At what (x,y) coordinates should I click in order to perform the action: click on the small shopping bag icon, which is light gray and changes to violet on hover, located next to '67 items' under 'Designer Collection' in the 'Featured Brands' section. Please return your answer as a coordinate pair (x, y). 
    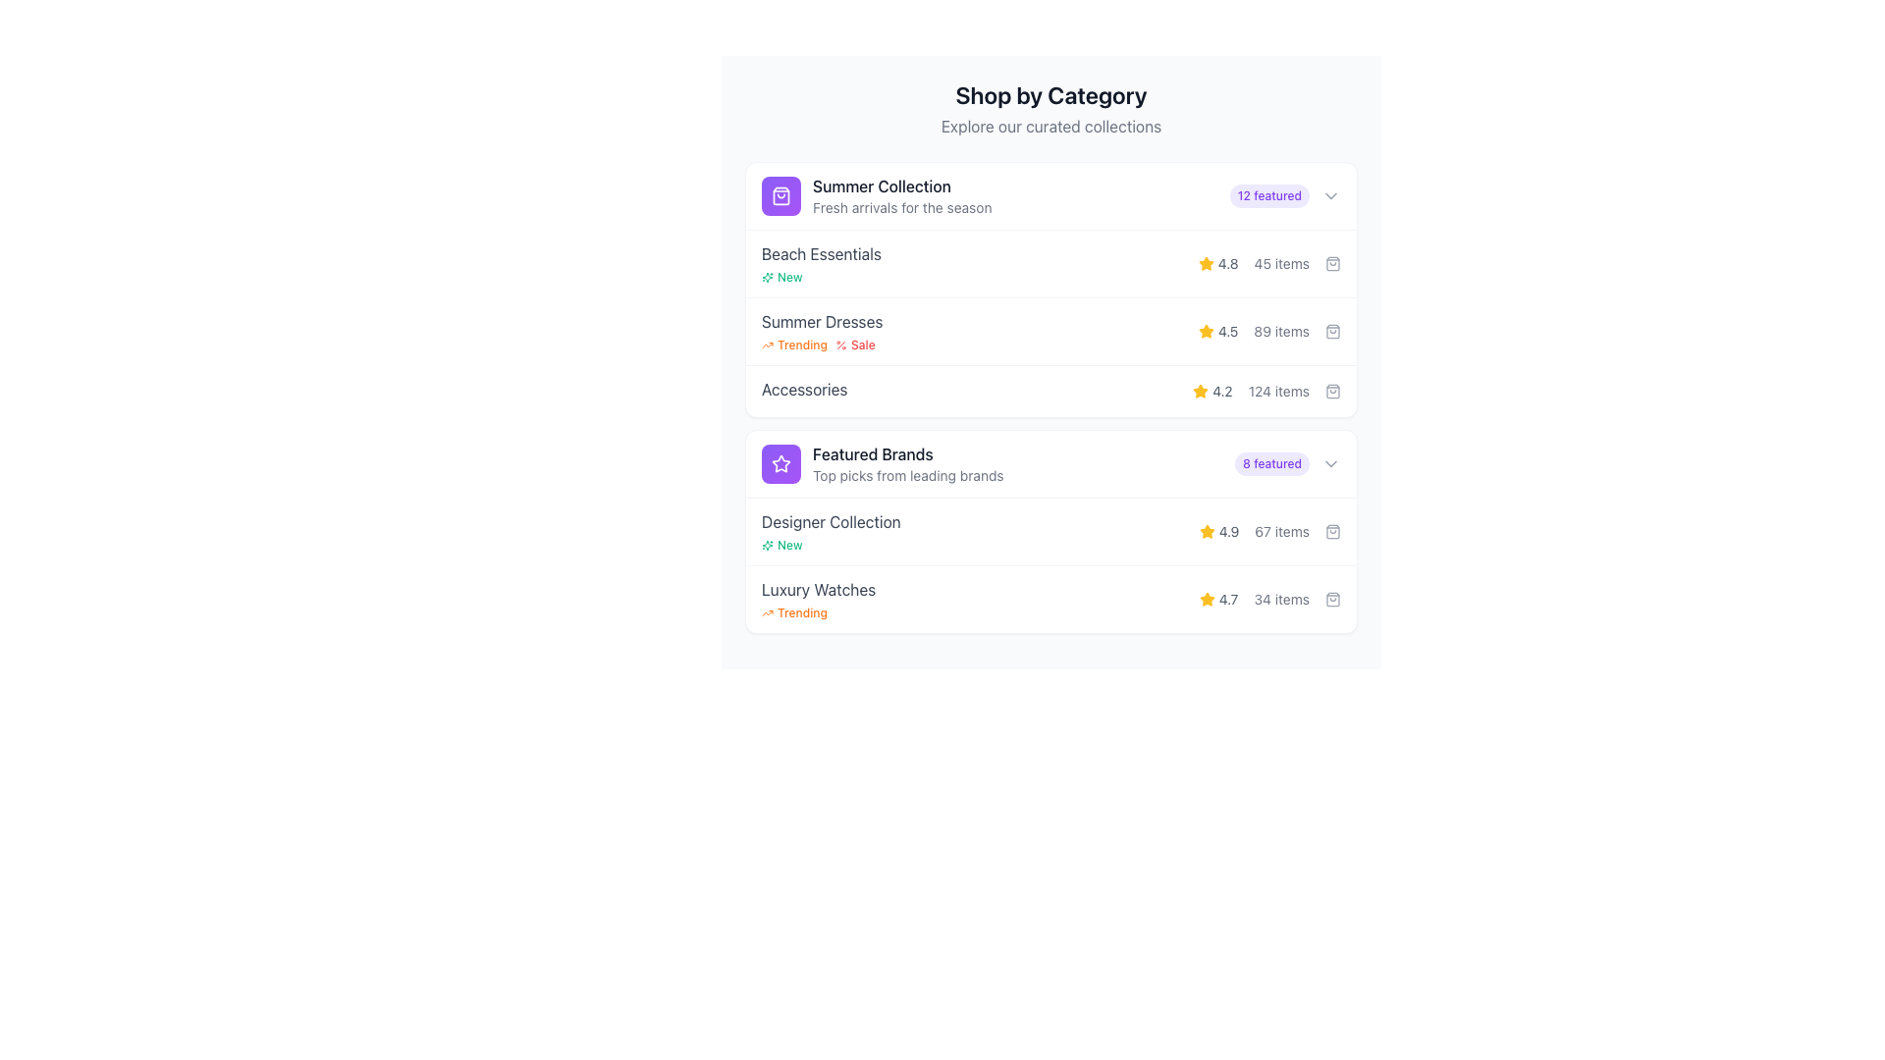
    Looking at the image, I should click on (1333, 532).